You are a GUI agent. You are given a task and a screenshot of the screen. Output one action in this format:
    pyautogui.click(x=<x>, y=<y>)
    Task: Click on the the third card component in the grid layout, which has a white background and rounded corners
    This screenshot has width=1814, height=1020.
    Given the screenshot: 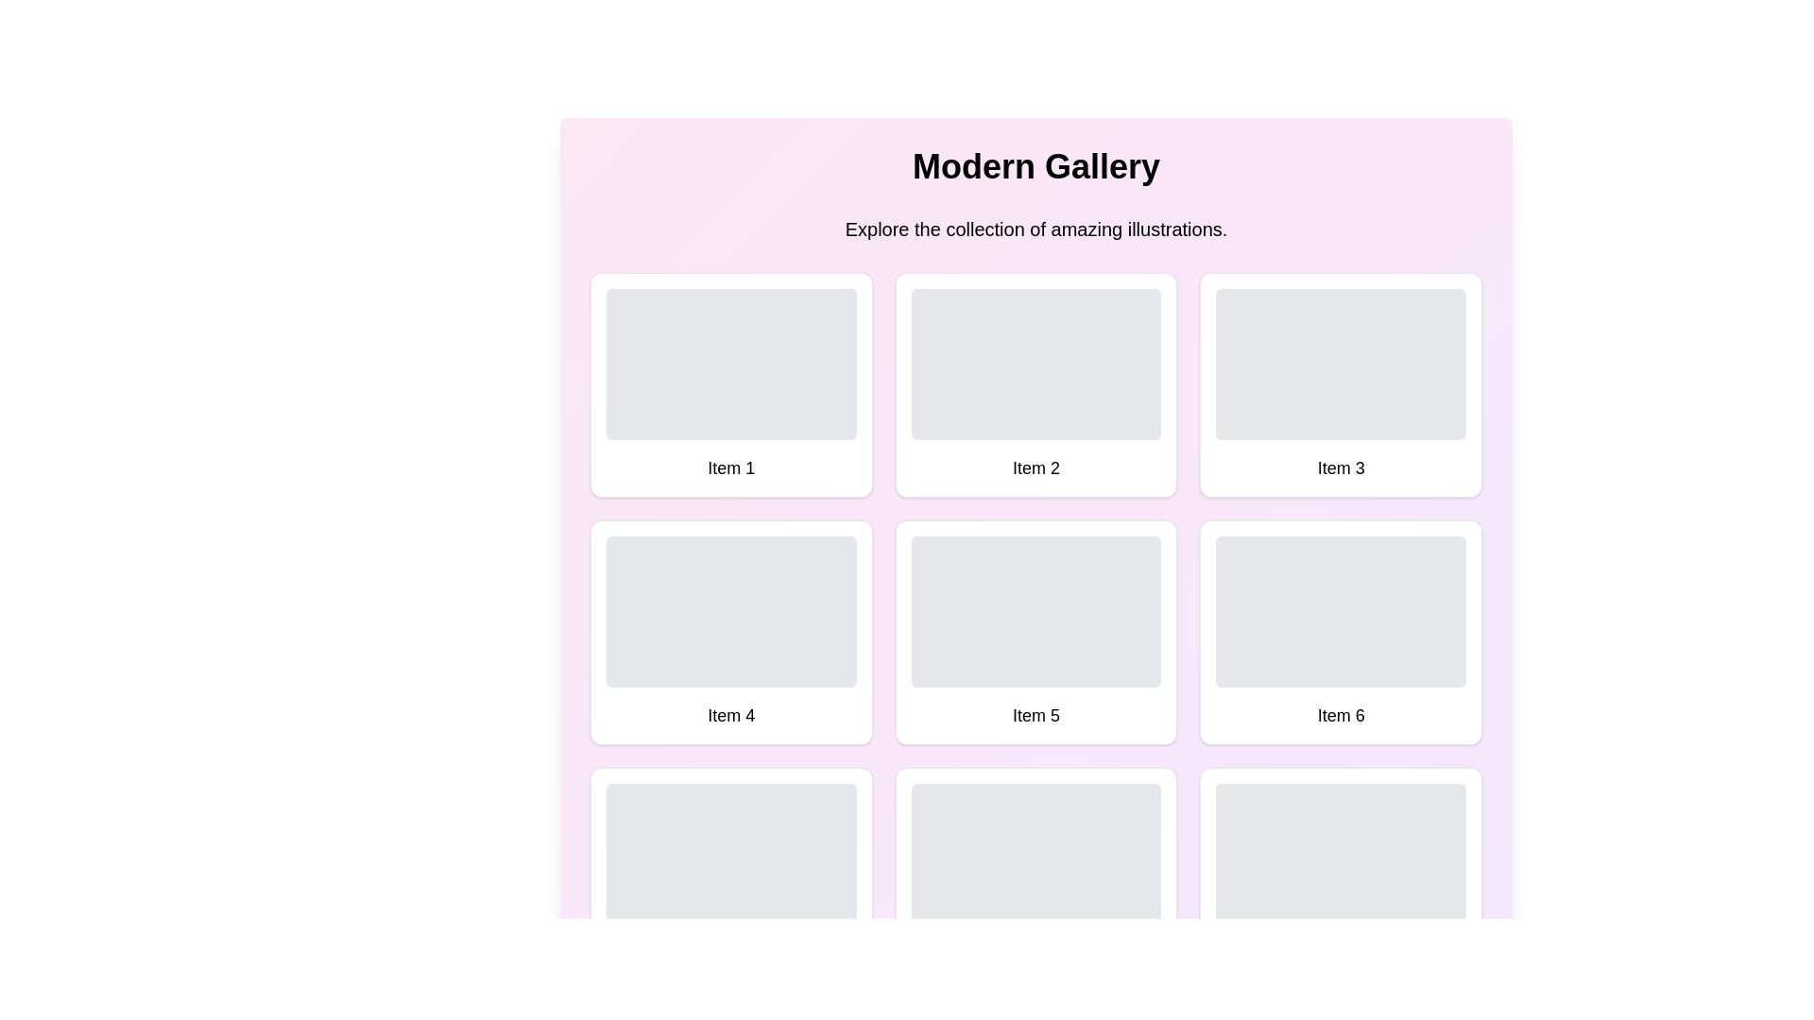 What is the action you would take?
    pyautogui.click(x=1340, y=384)
    